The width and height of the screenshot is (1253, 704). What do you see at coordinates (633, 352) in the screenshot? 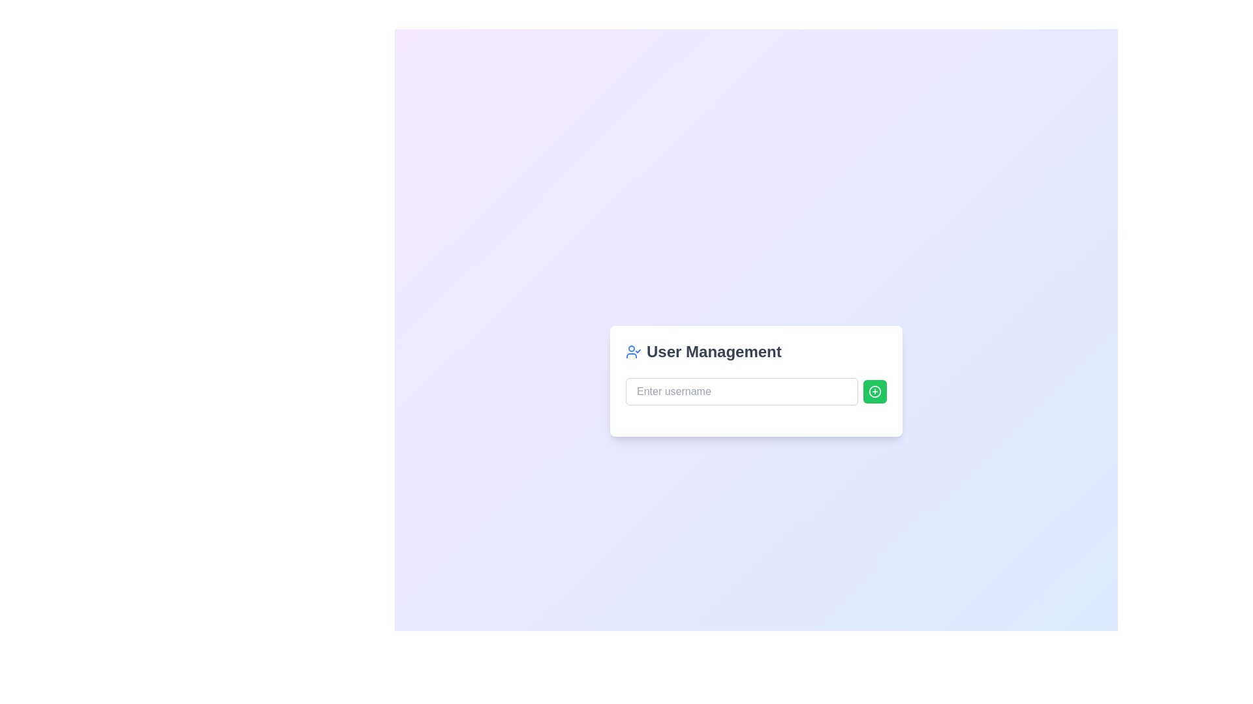
I see `the user silhouette icon with a checkmark, located to the left of the 'User Management' text in the title area` at bounding box center [633, 352].